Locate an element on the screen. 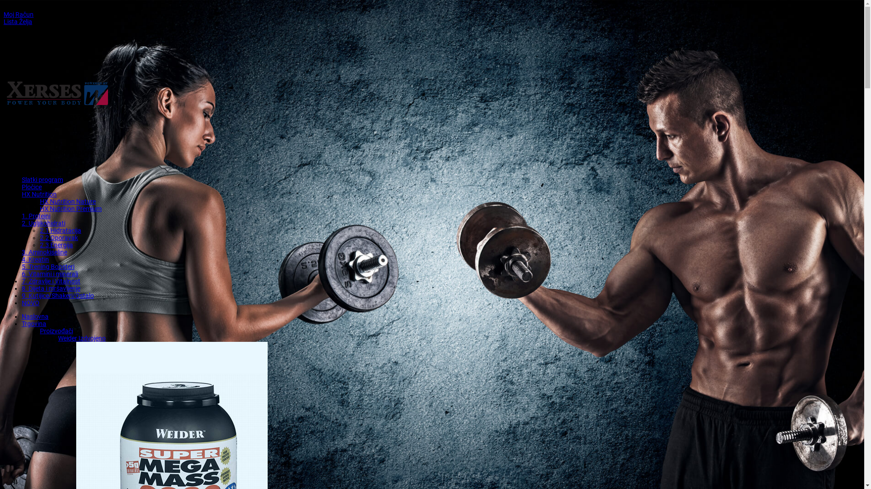  '7. Zdravlje i Vitalnost' is located at coordinates (22, 281).